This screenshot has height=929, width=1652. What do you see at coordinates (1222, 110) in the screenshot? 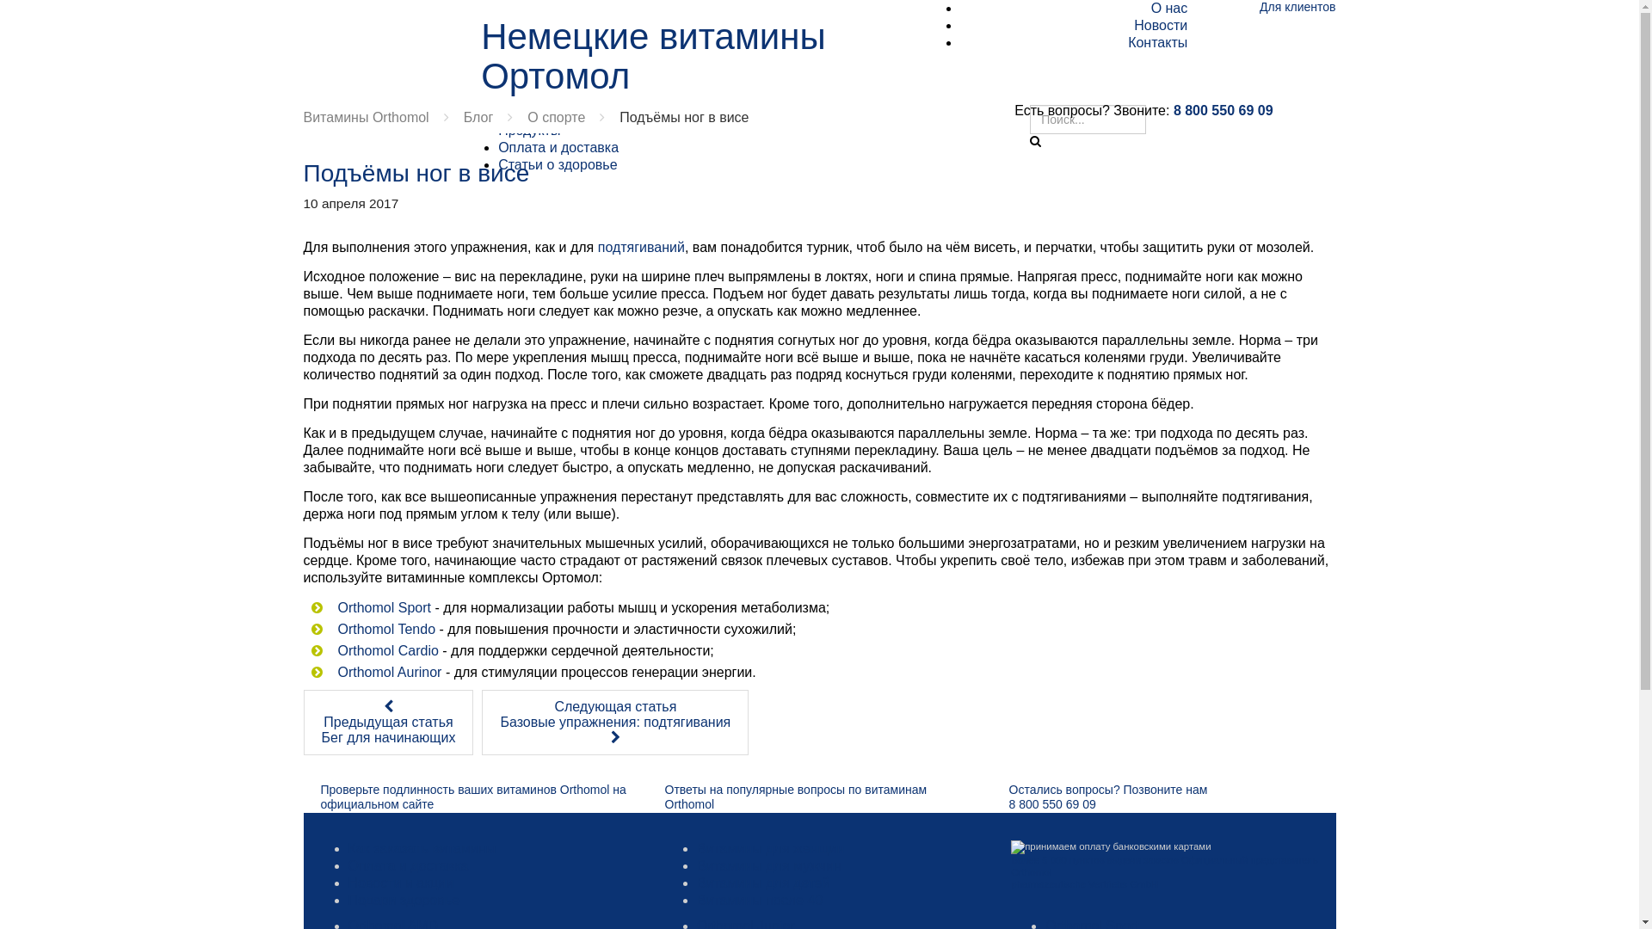
I see `'8 800 550 69 09'` at bounding box center [1222, 110].